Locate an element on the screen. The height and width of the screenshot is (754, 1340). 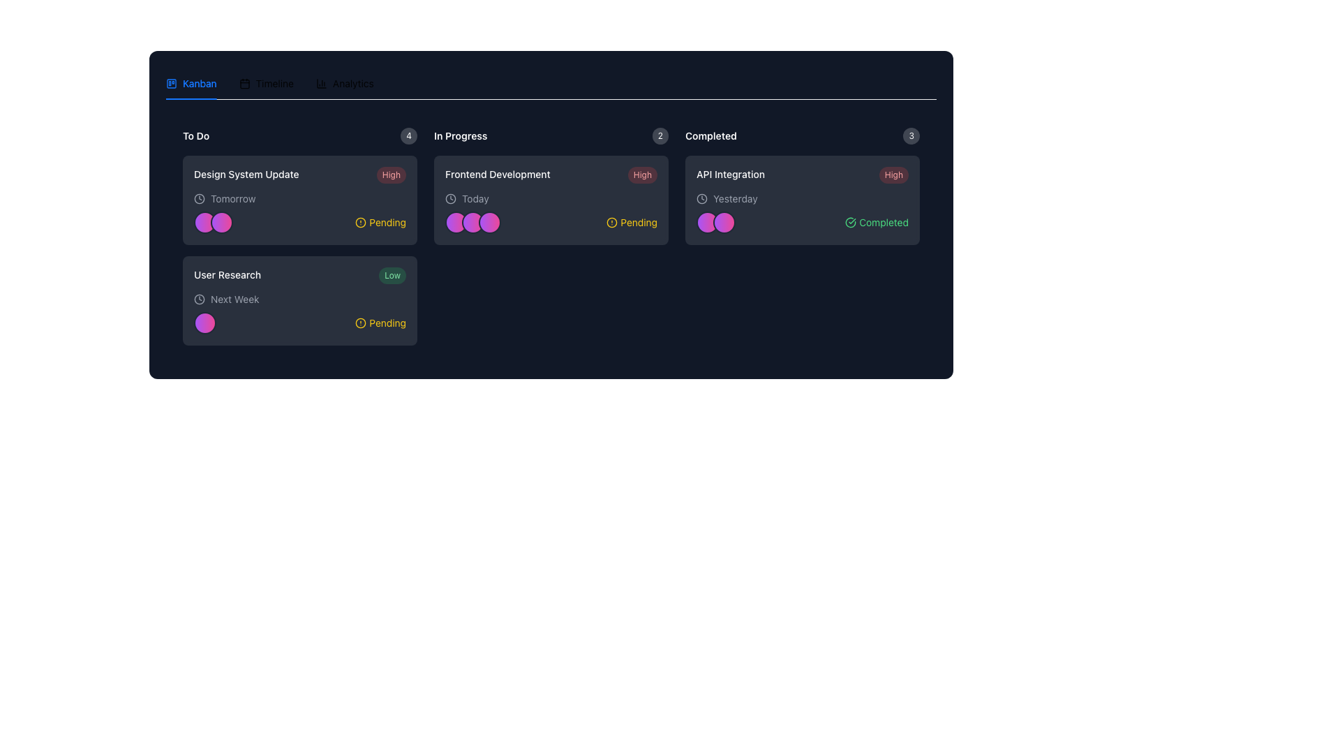
the clock icon located to the left of the text 'Yesterday' in the 'Completed' card, which visually indicates a timestamp or deadline is located at coordinates (702, 199).